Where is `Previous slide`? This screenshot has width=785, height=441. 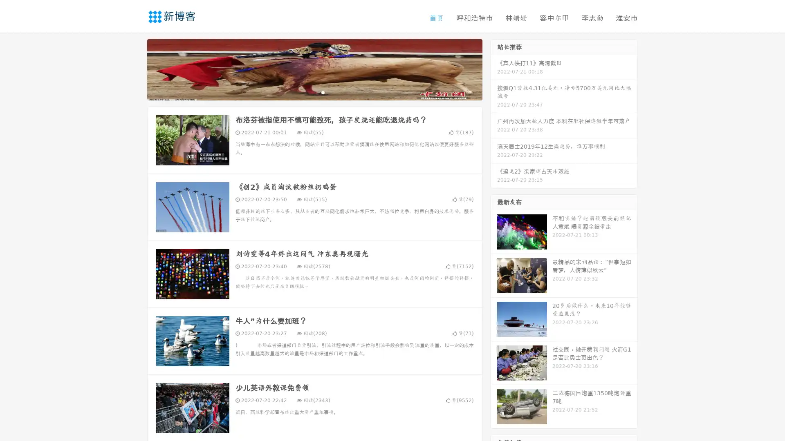
Previous slide is located at coordinates (135, 69).